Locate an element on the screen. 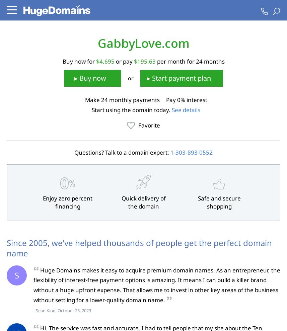 This screenshot has width=287, height=331. 'Pay 0% interest' is located at coordinates (186, 100).